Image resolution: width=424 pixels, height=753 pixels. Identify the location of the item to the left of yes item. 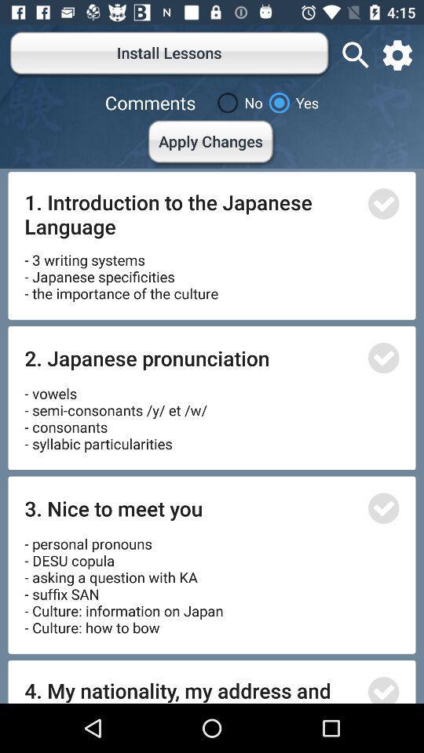
(236, 102).